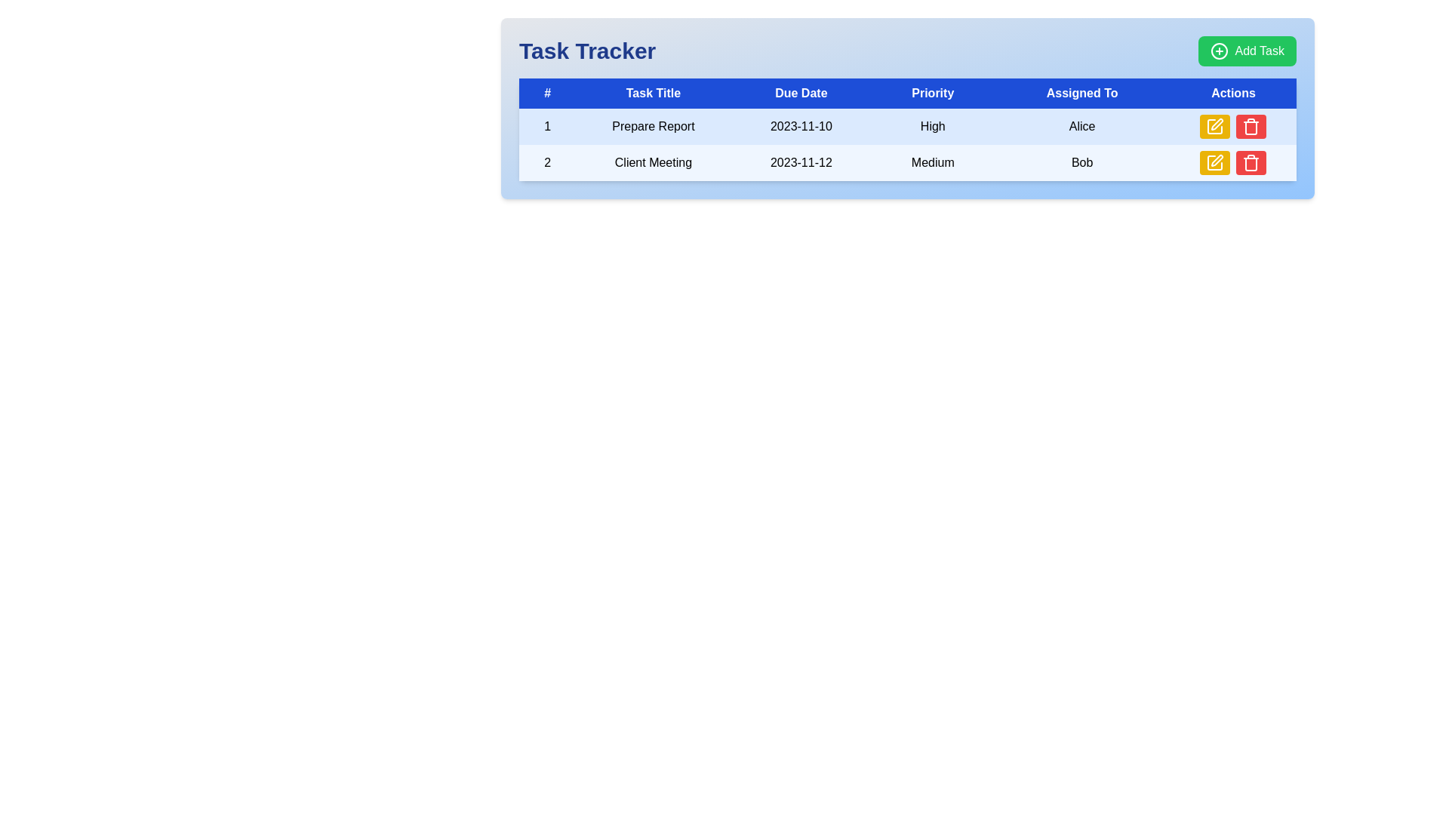 This screenshot has width=1449, height=815. What do you see at coordinates (1215, 126) in the screenshot?
I see `the edit icon button with a pen inside a square, located in the 'Actions' column of the table corresponding to the task titled 'Prepare Report'` at bounding box center [1215, 126].